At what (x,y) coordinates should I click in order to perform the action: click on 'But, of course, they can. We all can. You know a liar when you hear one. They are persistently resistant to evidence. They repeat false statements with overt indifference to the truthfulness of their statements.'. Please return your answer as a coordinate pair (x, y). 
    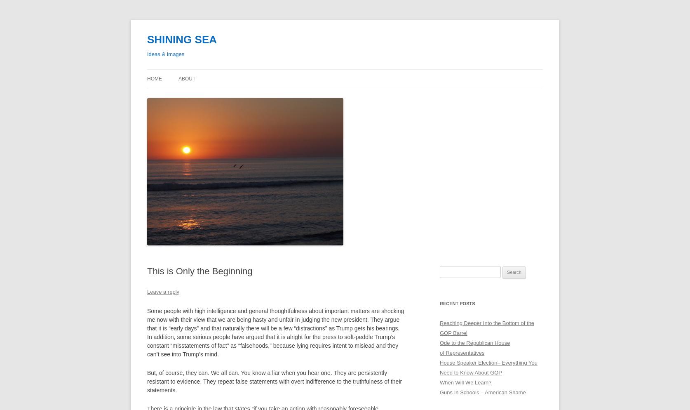
    Looking at the image, I should click on (147, 381).